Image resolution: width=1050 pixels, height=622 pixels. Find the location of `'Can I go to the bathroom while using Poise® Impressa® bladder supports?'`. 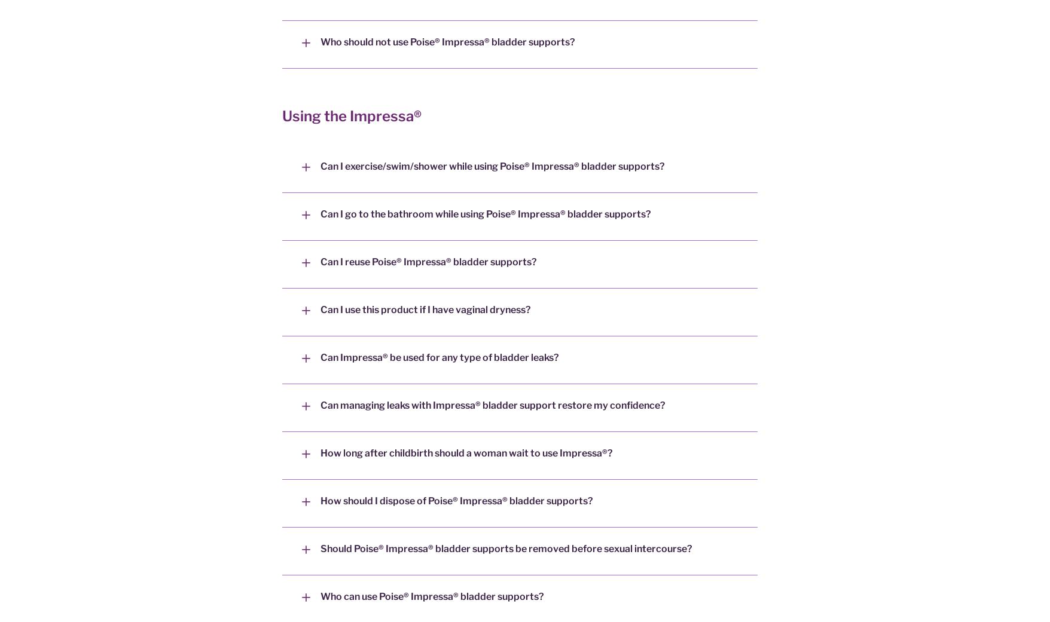

'Can I go to the bathroom while using Poise® Impressa® bladder supports?' is located at coordinates (485, 214).